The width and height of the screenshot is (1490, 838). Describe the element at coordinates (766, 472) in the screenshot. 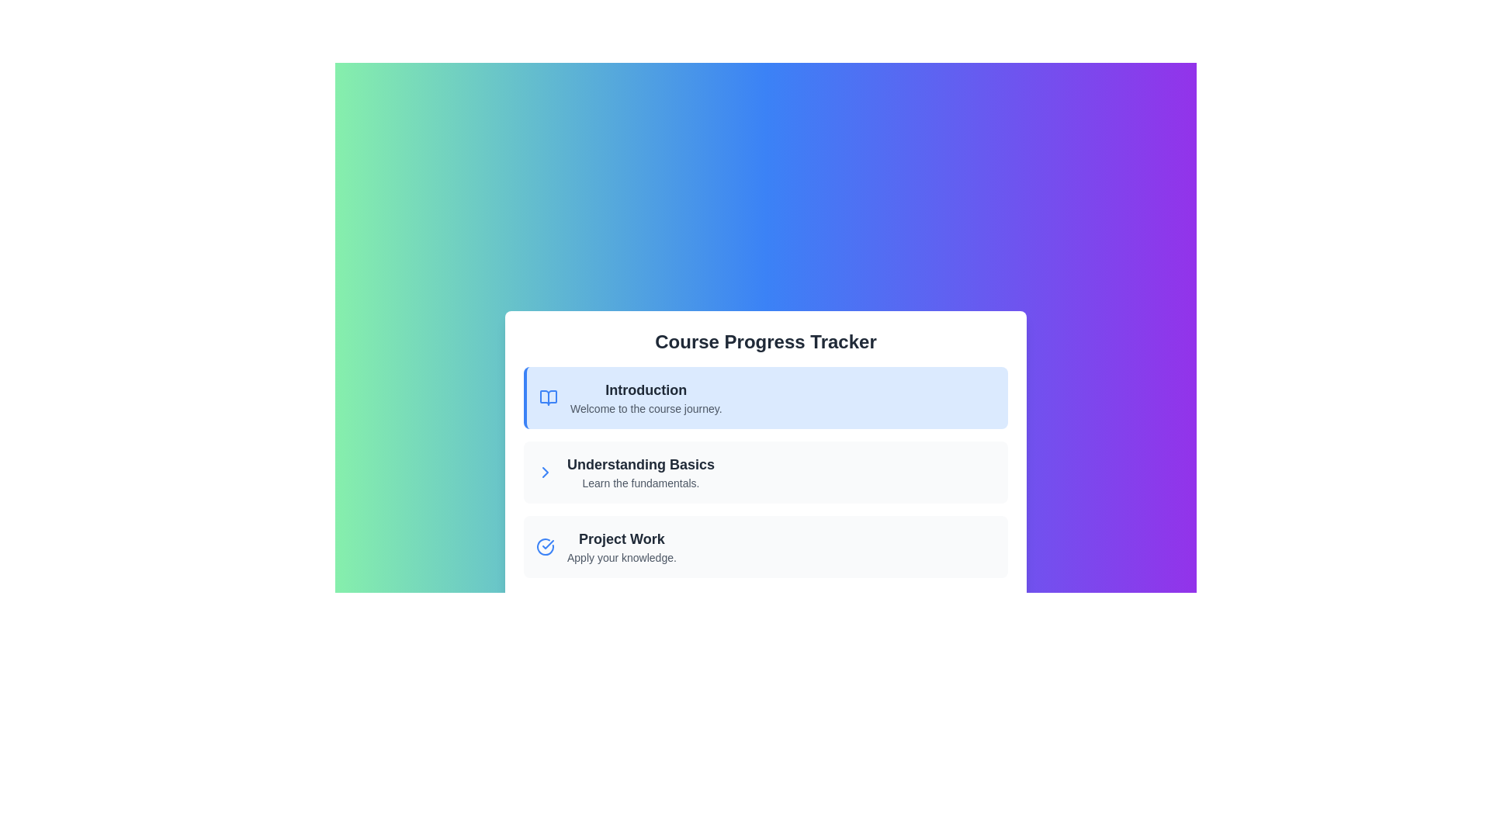

I see `the list item titled 'Understanding Basics' in the Course Progress Tracker` at that location.